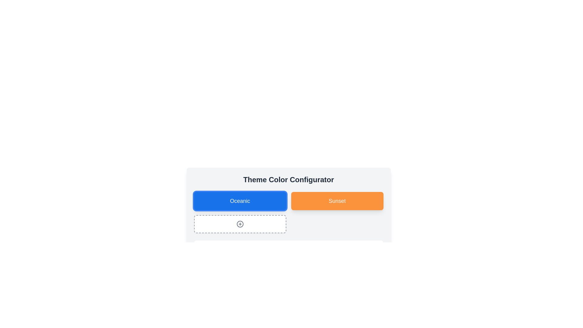 The height and width of the screenshot is (328, 583). I want to click on the button with a dashed border and rounded corners that has a '+' icon, located in the bottom-left section of the grid, so click(240, 224).